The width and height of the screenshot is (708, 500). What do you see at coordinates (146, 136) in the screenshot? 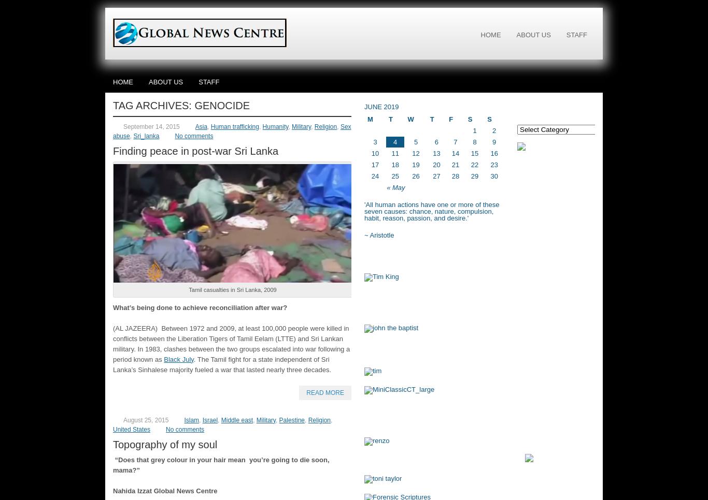
I see `'Sri_lanka'` at bounding box center [146, 136].